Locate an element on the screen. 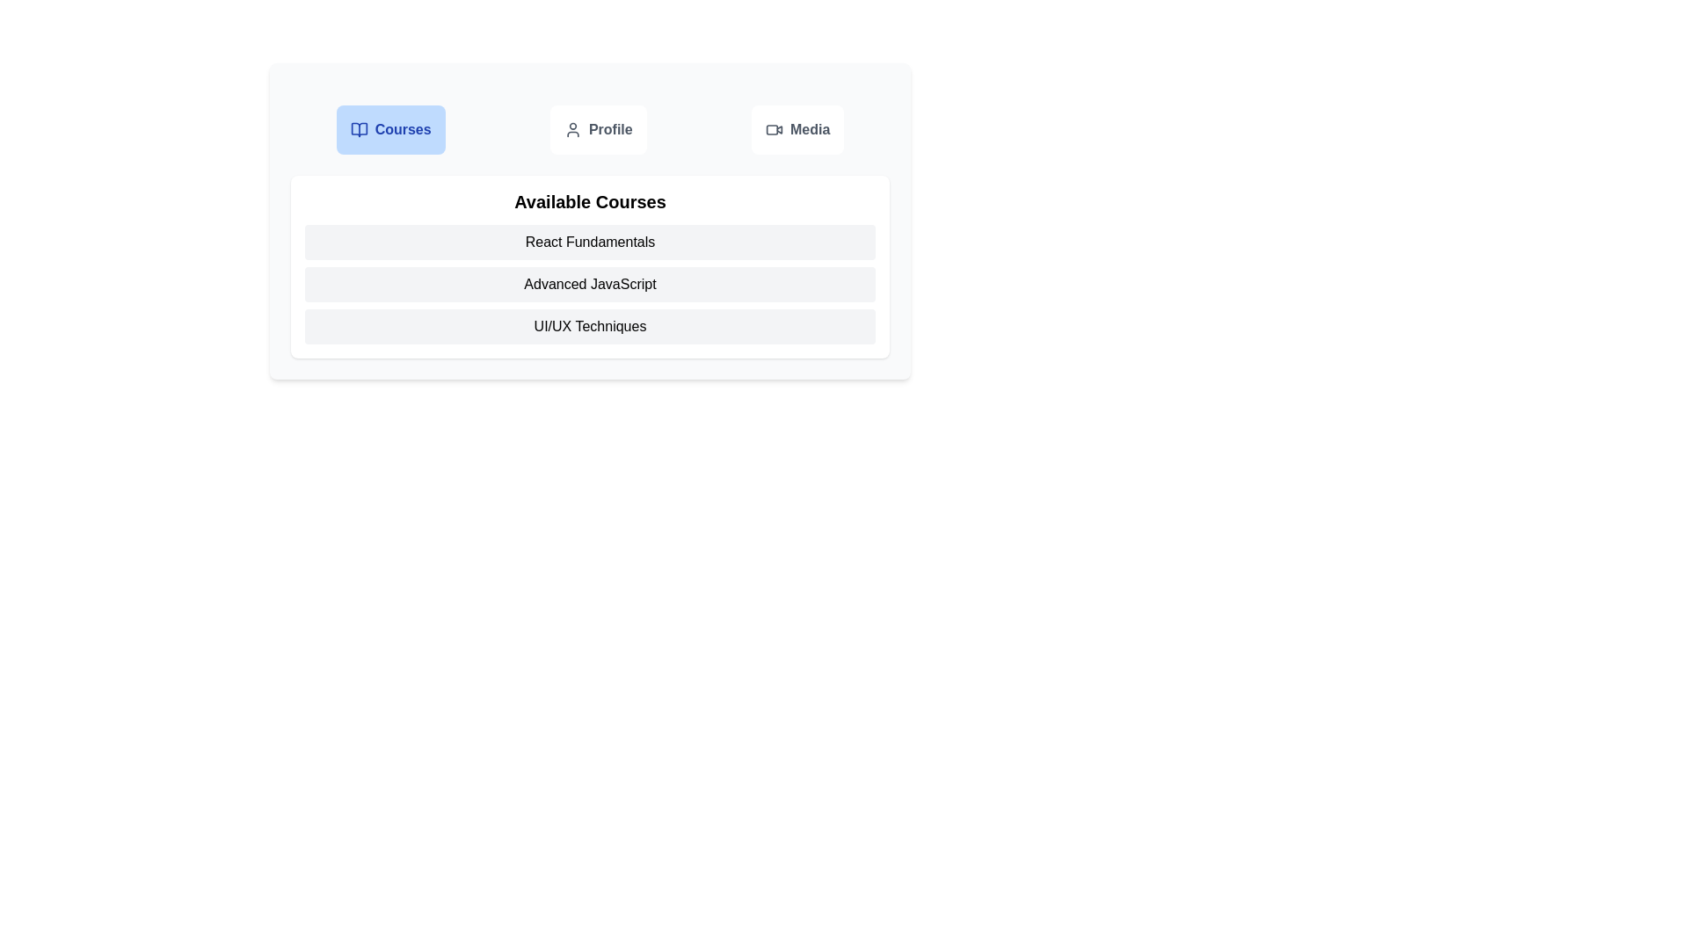 The width and height of the screenshot is (1688, 949). the 'Courses' icon located at the top left portion of the interface, which visually represents the functionality related to 'Courses' is located at coordinates (358, 128).